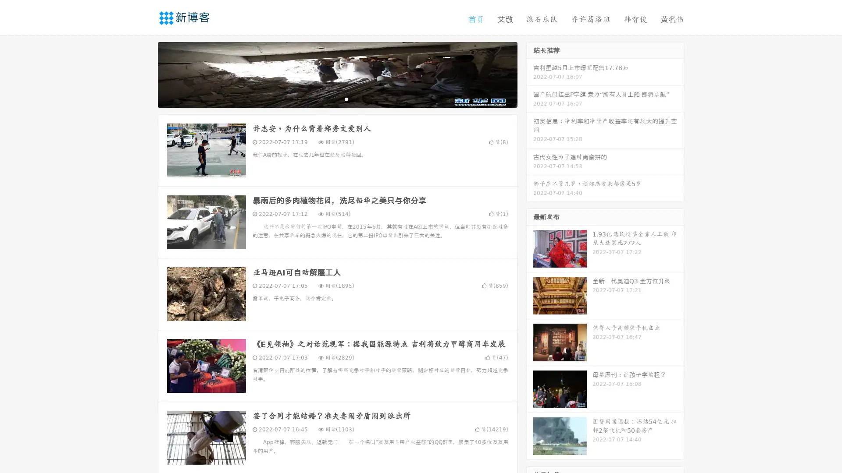  I want to click on Go to slide 2, so click(337, 99).